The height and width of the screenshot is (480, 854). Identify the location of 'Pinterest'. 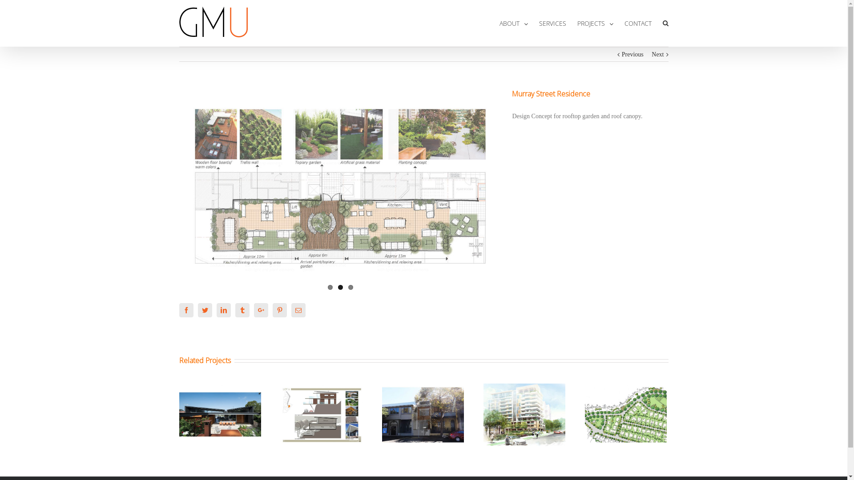
(271, 310).